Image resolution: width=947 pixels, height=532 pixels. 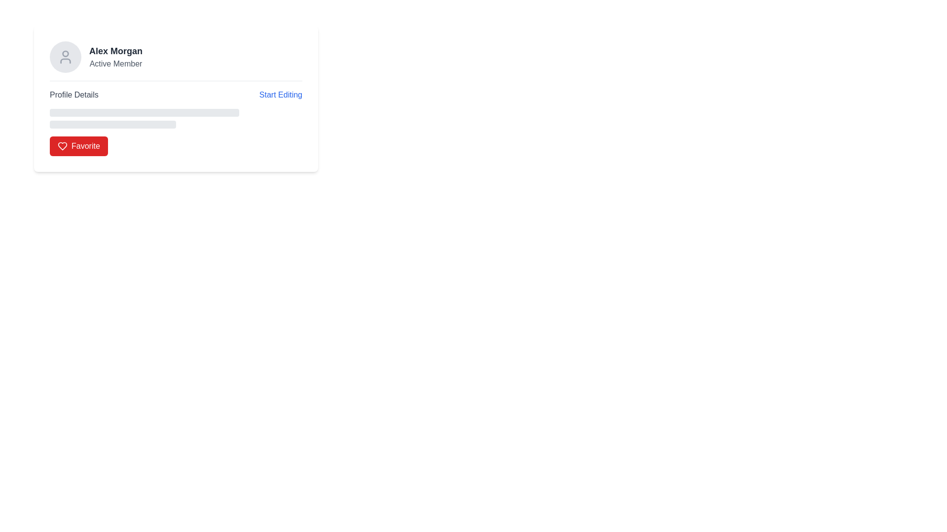 I want to click on the animated loading placeholder, which is positioned below the heading 'Profile Details' and above the red 'Favorite' button, so click(x=176, y=118).